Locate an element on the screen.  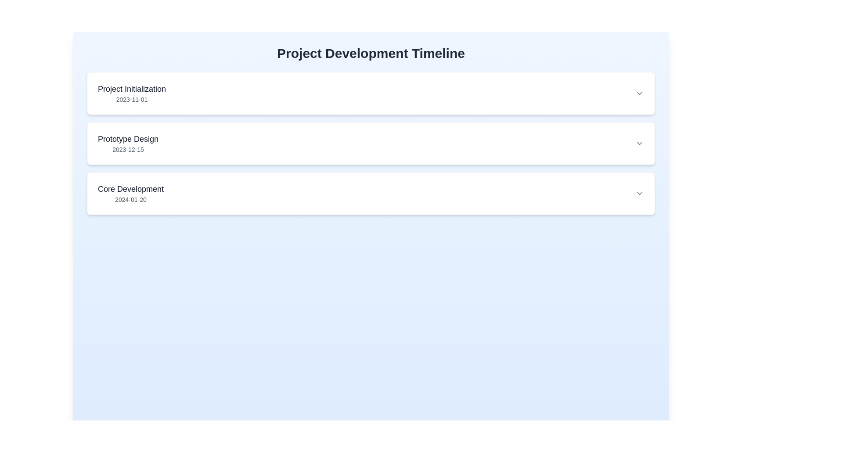
the text label displaying '2023-12-15', located below the title 'Prototype Design' on the second card in the vertical stack of cards is located at coordinates (128, 149).